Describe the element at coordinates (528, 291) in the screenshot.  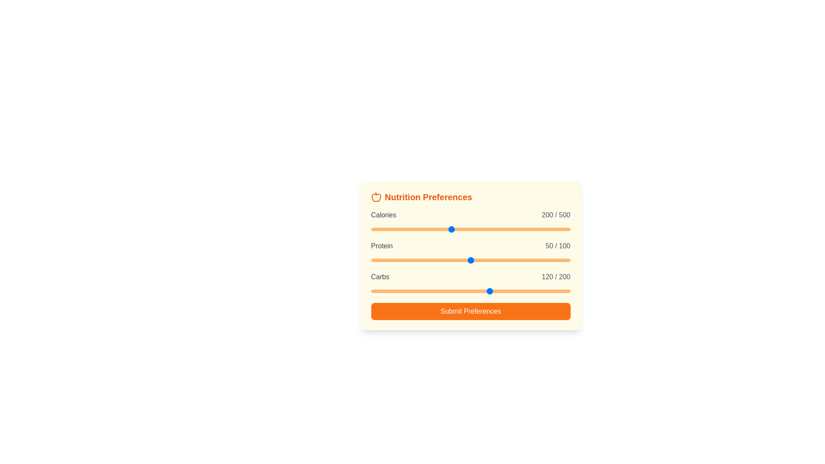
I see `the carbs value` at that location.